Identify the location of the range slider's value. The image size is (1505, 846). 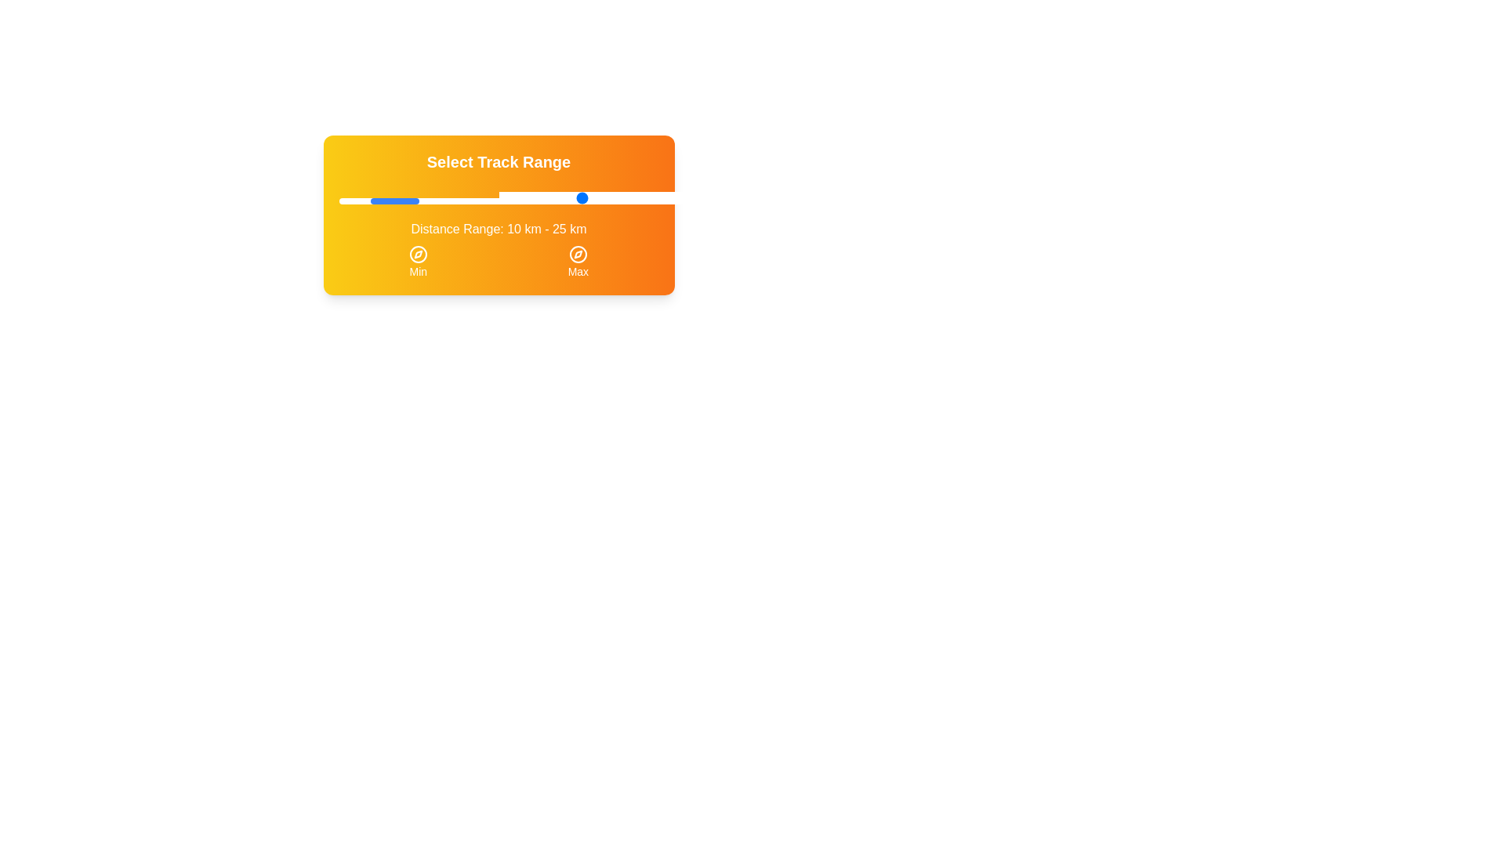
(482, 201).